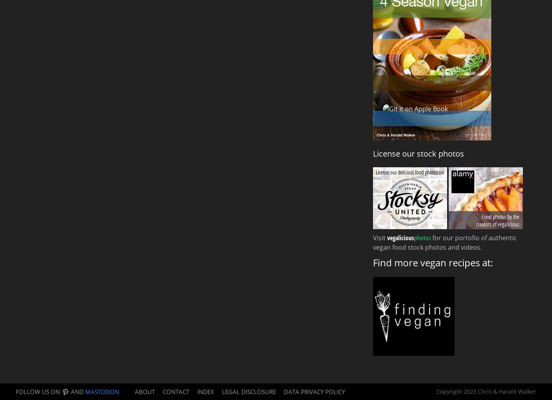 The width and height of the screenshot is (552, 400). Describe the element at coordinates (102, 391) in the screenshot. I see `'Mastodon'` at that location.